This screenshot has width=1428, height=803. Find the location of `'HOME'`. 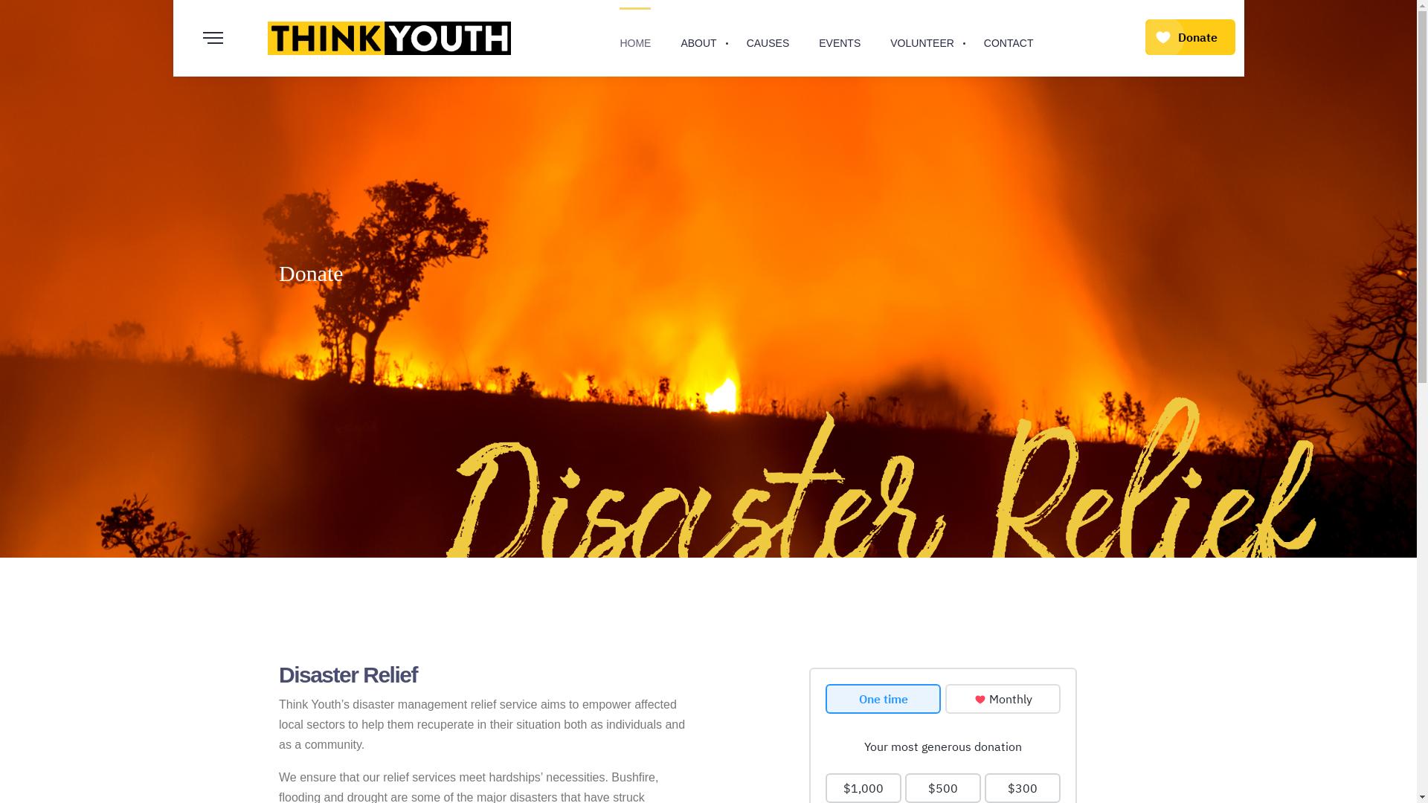

'HOME' is located at coordinates (635, 37).